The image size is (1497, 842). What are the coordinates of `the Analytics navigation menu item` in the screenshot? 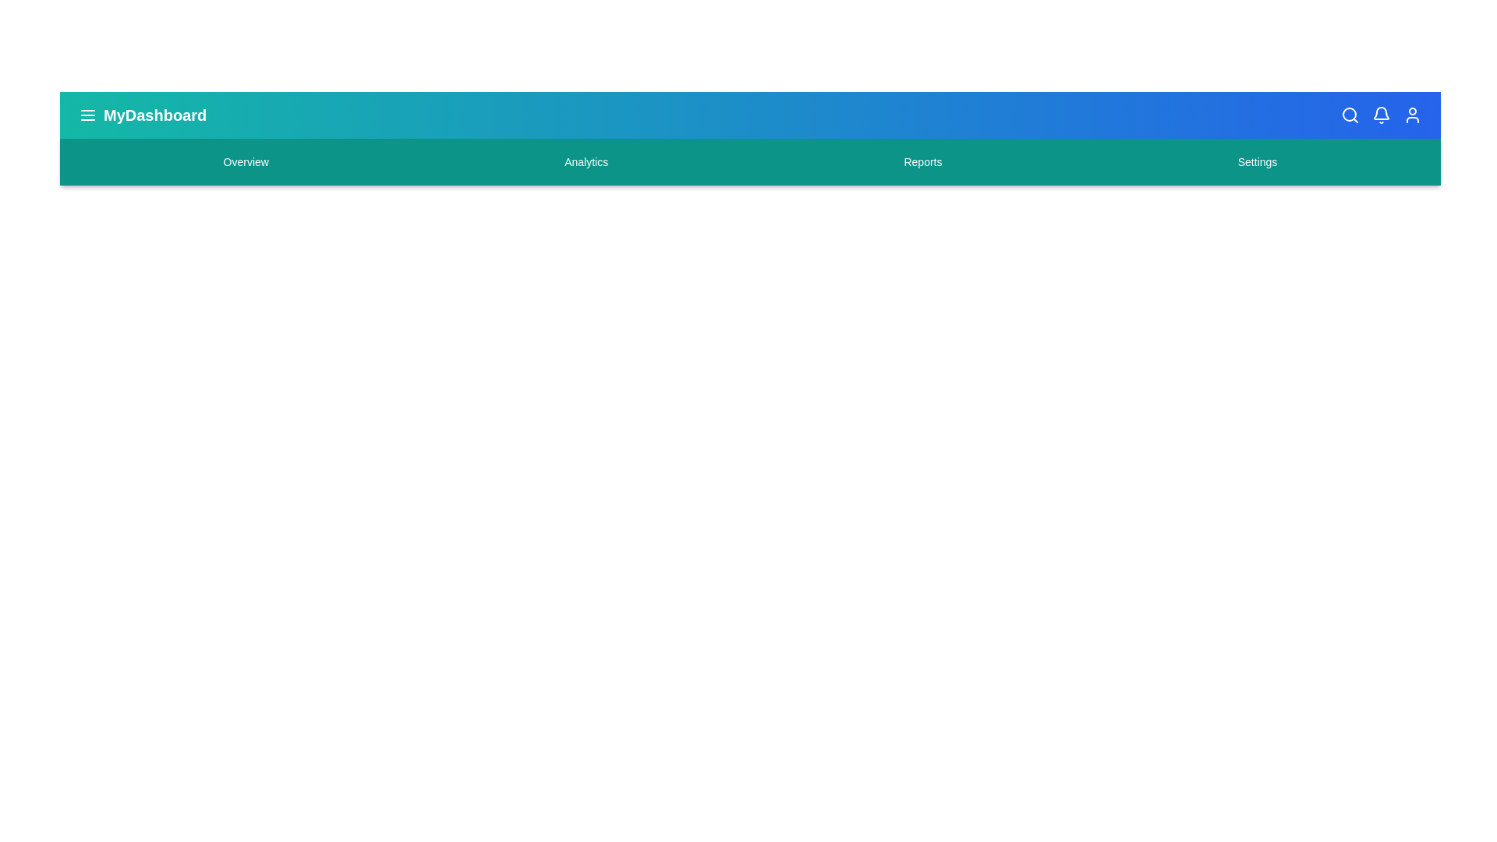 It's located at (586, 162).